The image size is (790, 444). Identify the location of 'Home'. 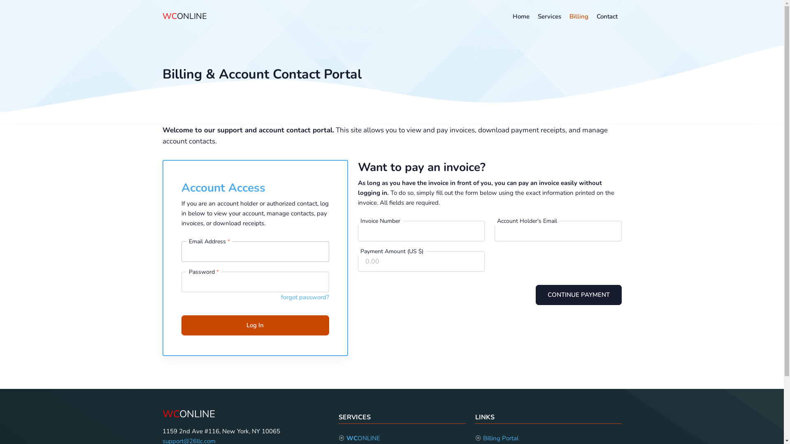
(520, 16).